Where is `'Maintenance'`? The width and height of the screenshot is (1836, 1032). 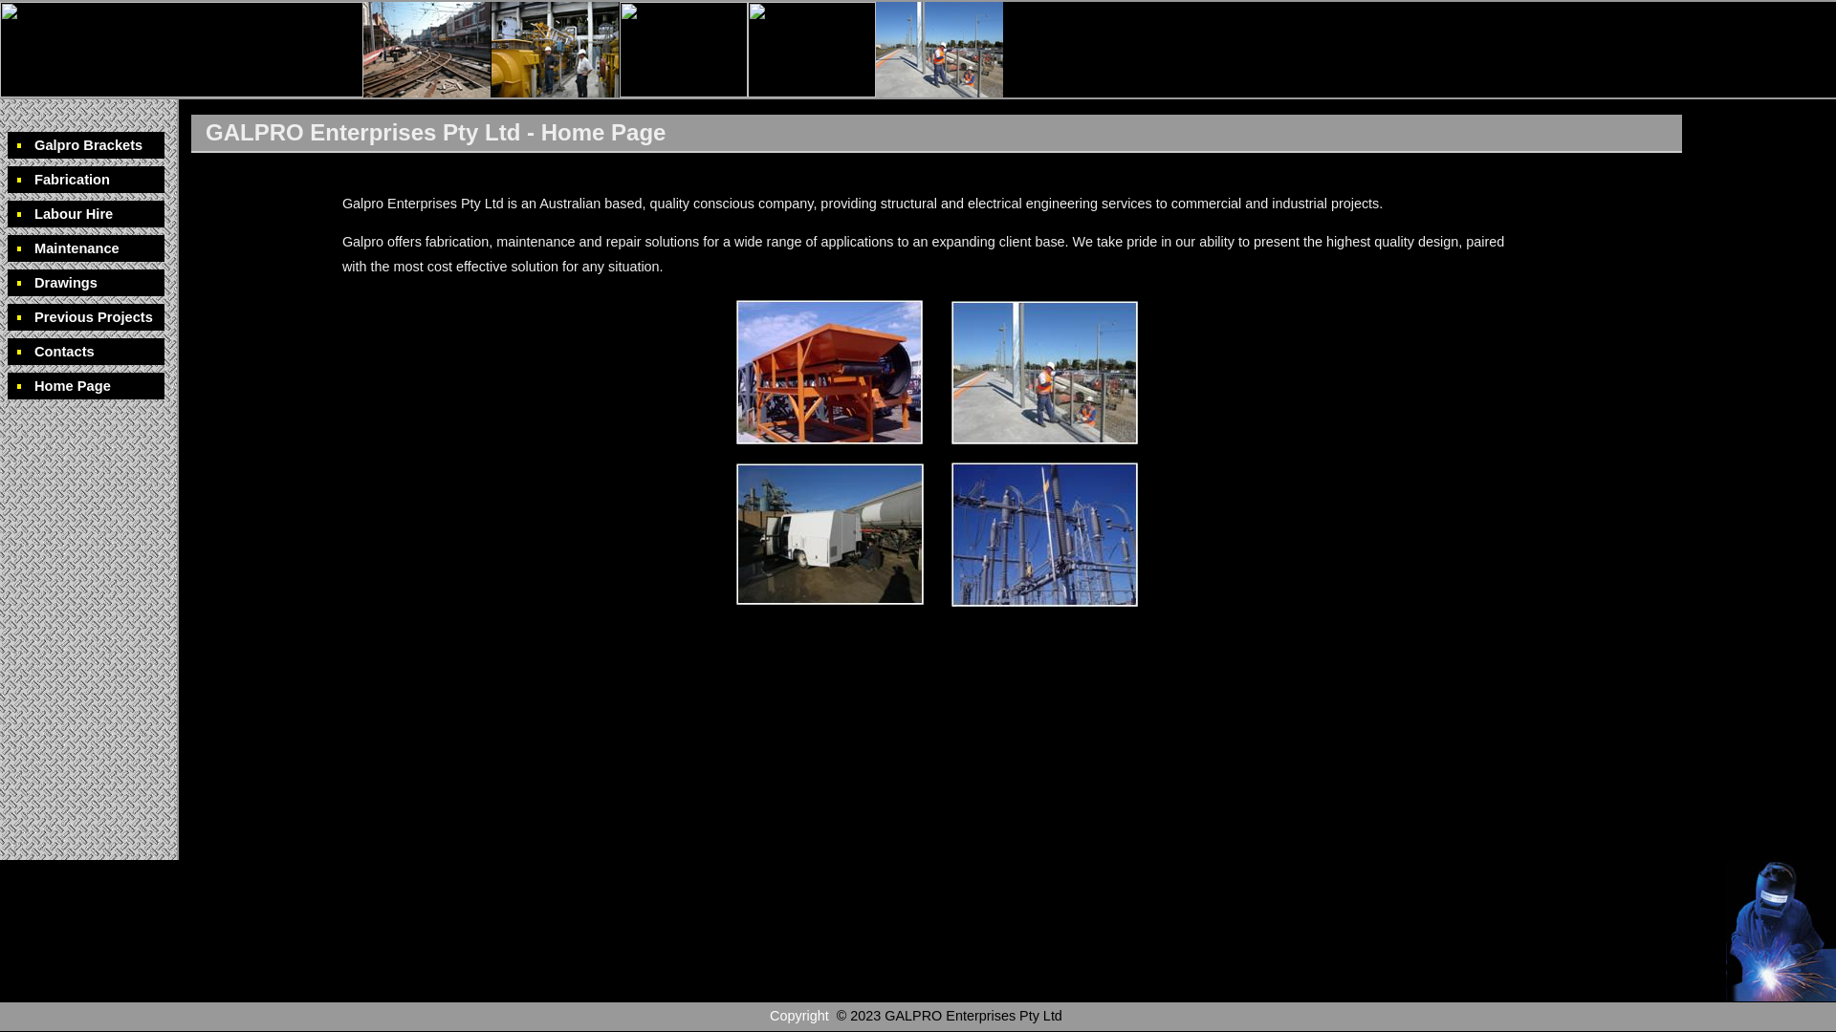
'Maintenance' is located at coordinates (8, 247).